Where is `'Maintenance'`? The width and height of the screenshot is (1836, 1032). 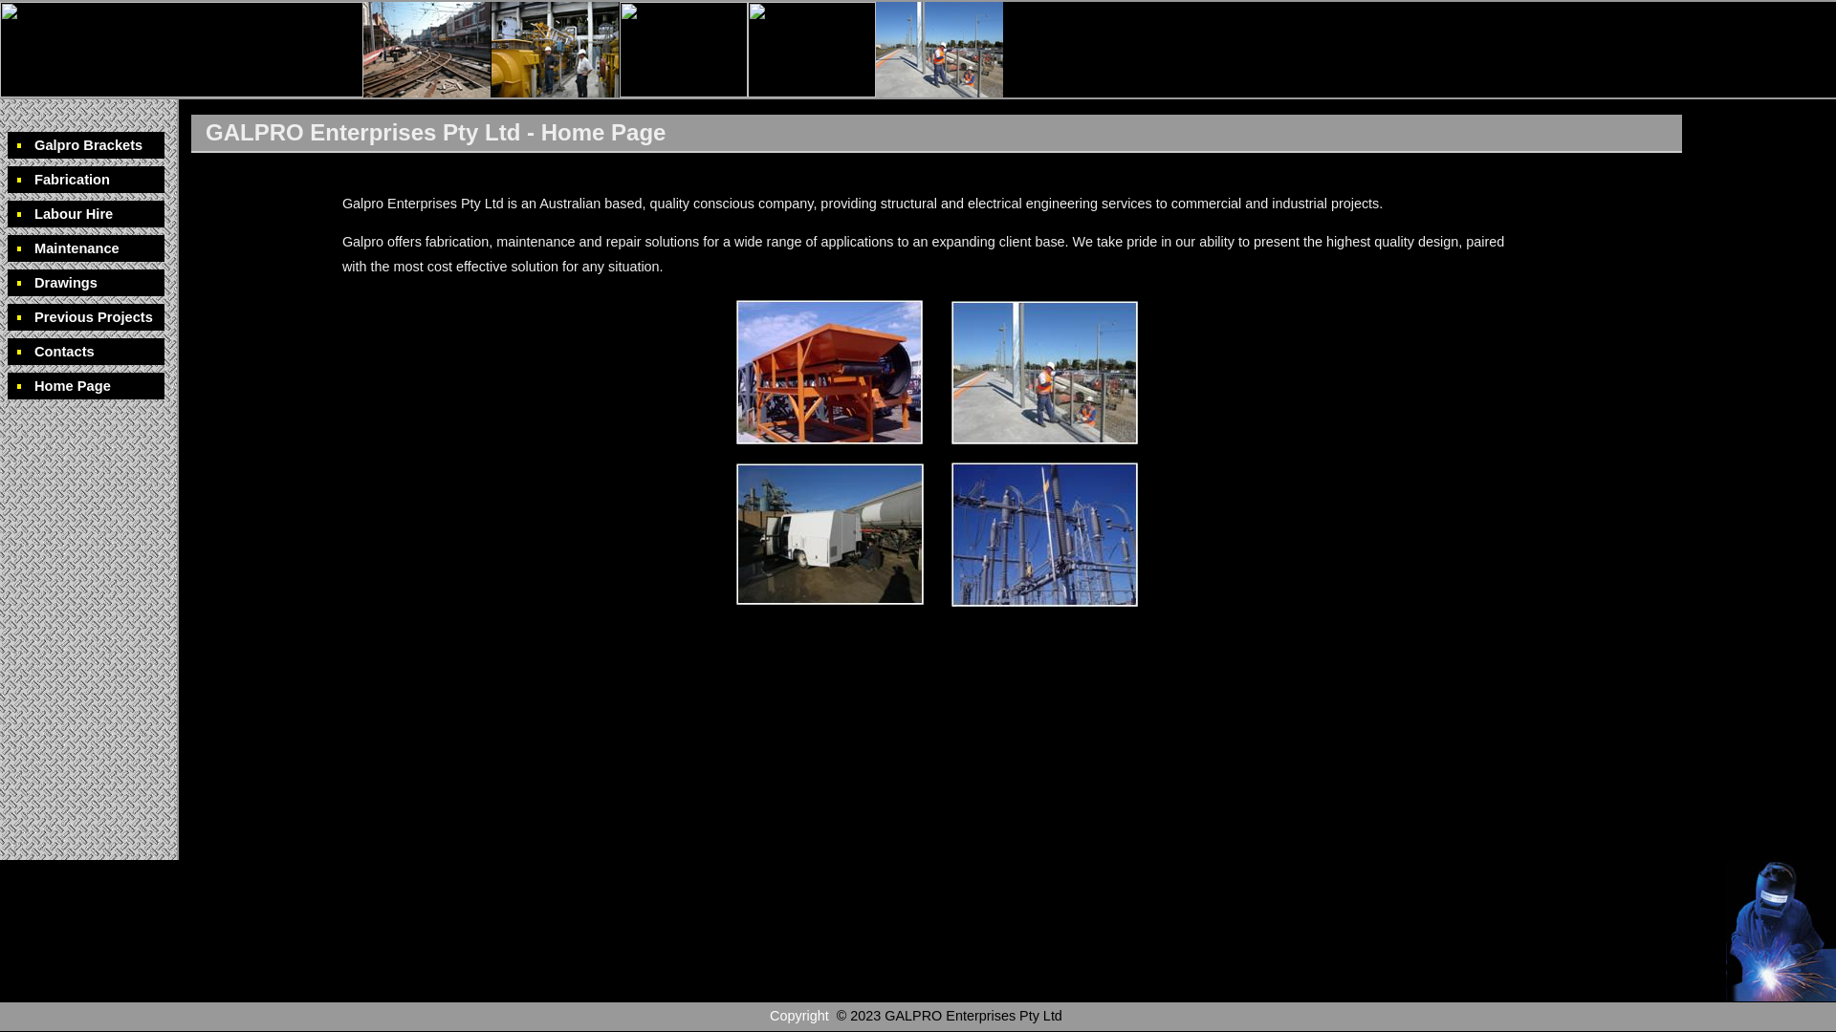
'Maintenance' is located at coordinates (8, 247).